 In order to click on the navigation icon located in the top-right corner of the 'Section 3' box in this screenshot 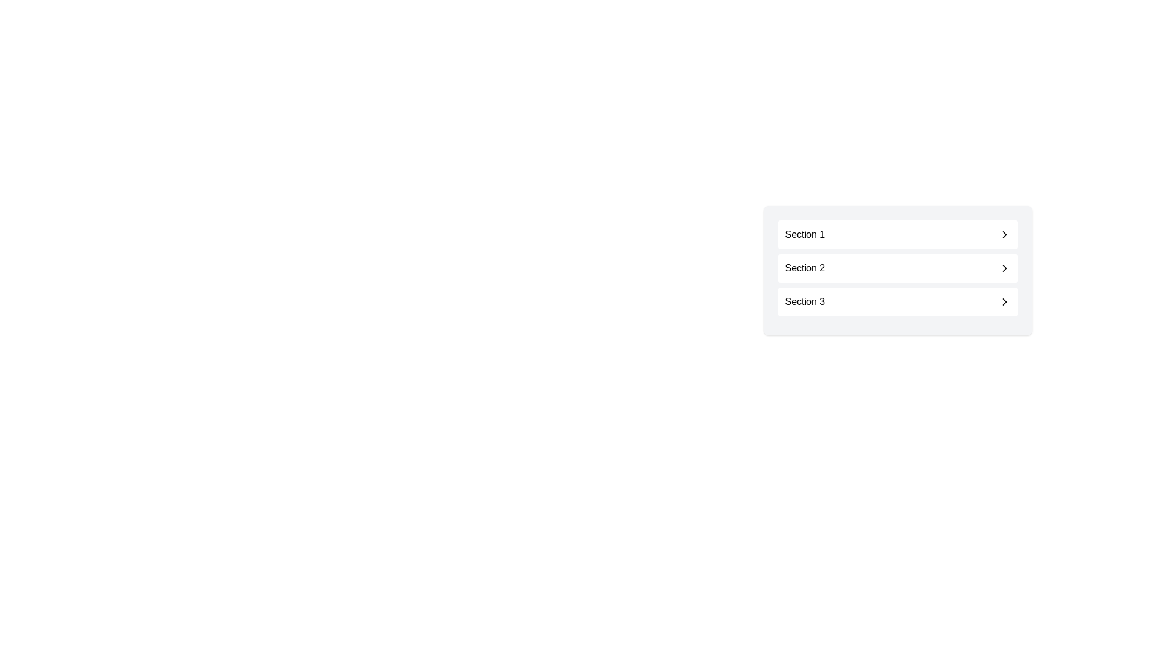, I will do `click(1004, 301)`.